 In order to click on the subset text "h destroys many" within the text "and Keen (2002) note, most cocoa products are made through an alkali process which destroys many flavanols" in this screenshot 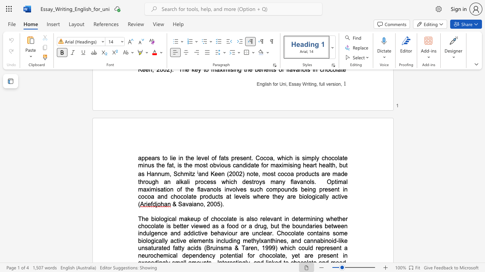, I will do `click(233, 182)`.